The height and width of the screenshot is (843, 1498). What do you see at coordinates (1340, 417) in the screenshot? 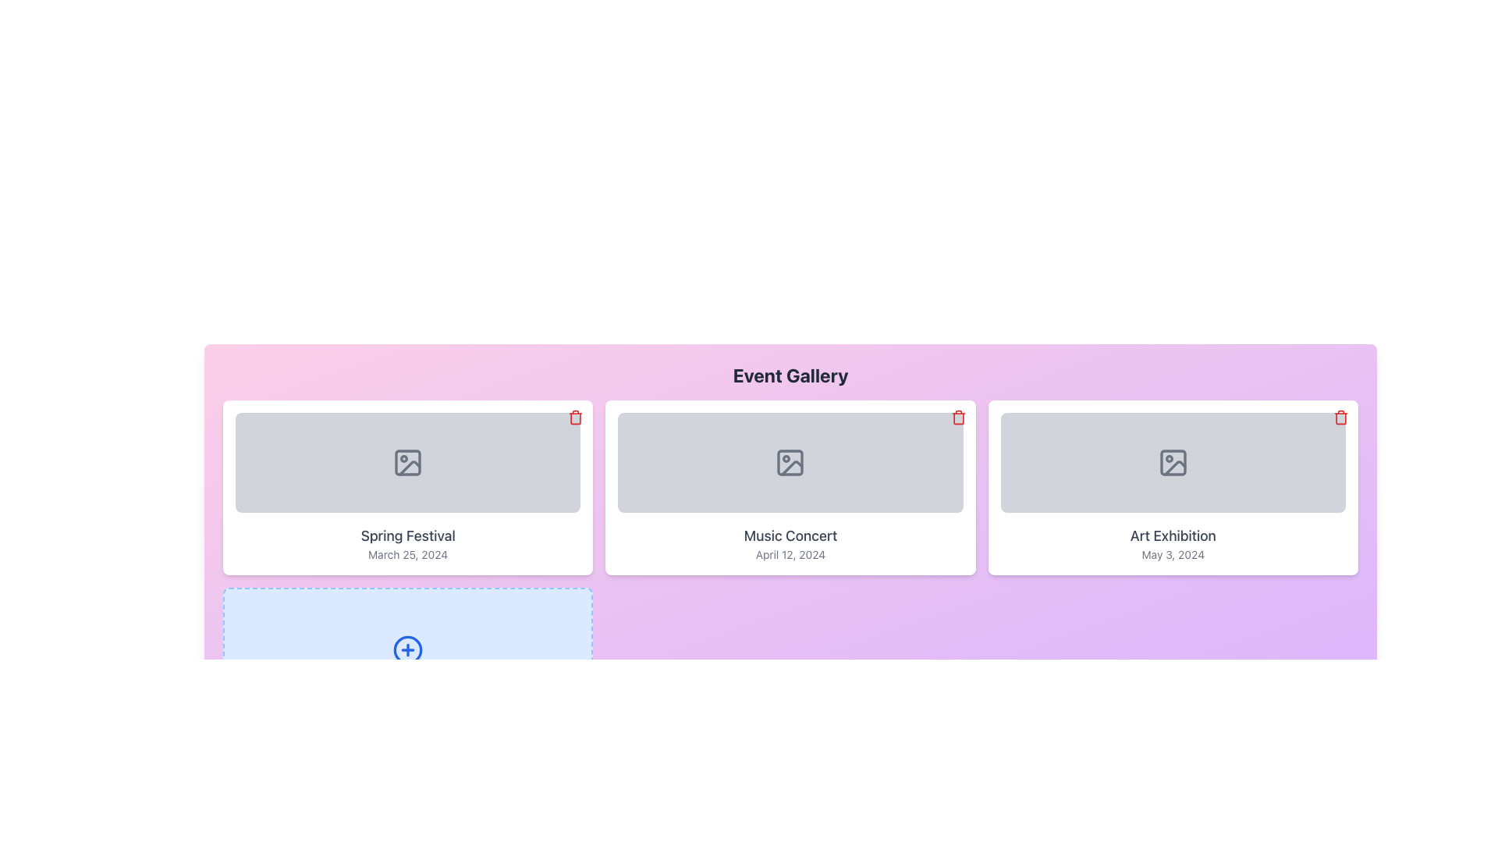
I see `the delete icon in the top-right corner of the card` at bounding box center [1340, 417].